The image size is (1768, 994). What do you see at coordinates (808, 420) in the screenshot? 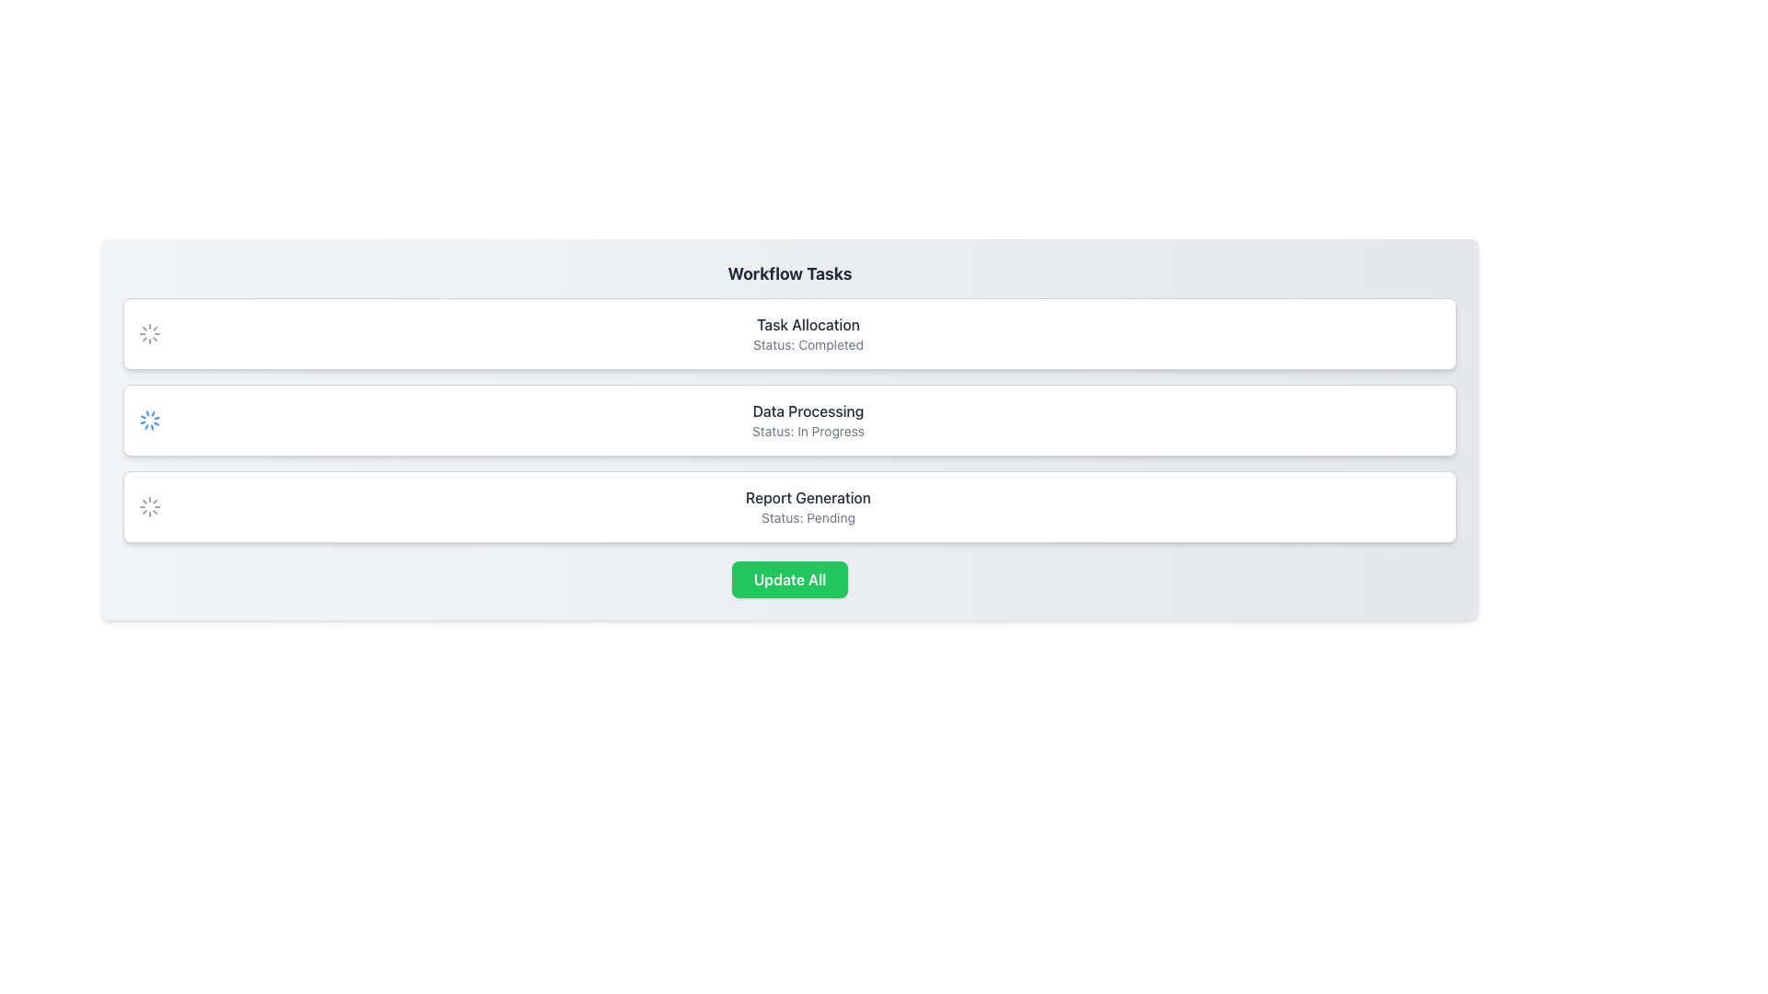
I see `the informative text label displaying 'Data Processing' which indicates the task status as 'In Progress'` at bounding box center [808, 420].